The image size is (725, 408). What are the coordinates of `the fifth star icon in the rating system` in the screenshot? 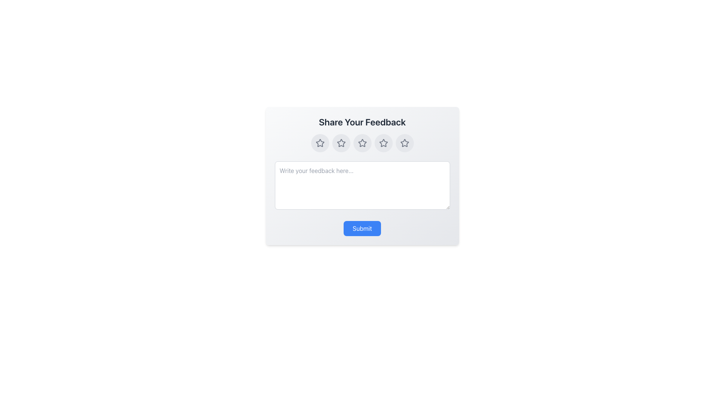 It's located at (404, 143).